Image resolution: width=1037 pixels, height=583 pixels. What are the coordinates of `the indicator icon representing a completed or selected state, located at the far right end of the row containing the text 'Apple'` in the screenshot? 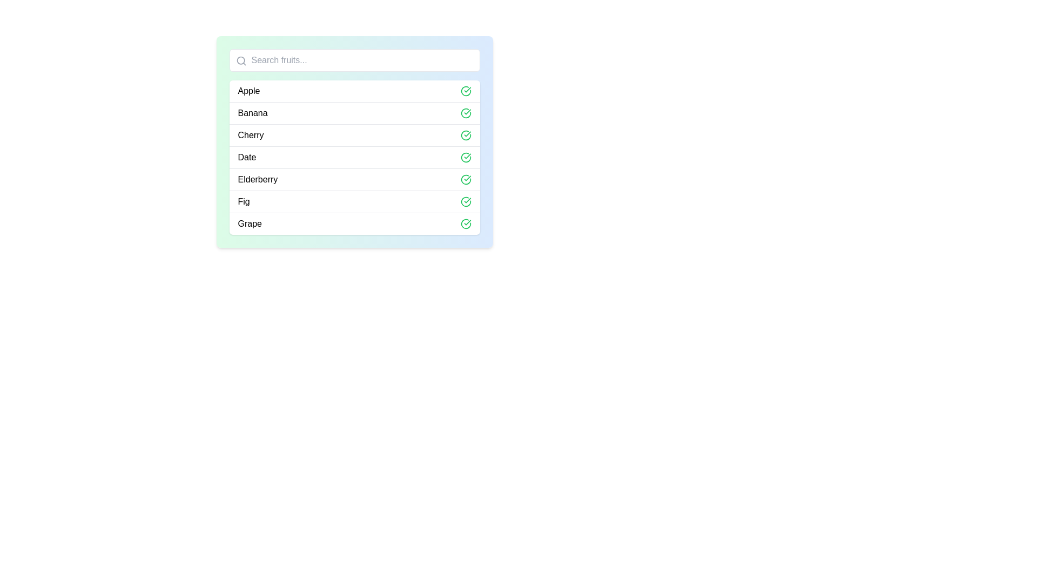 It's located at (466, 91).